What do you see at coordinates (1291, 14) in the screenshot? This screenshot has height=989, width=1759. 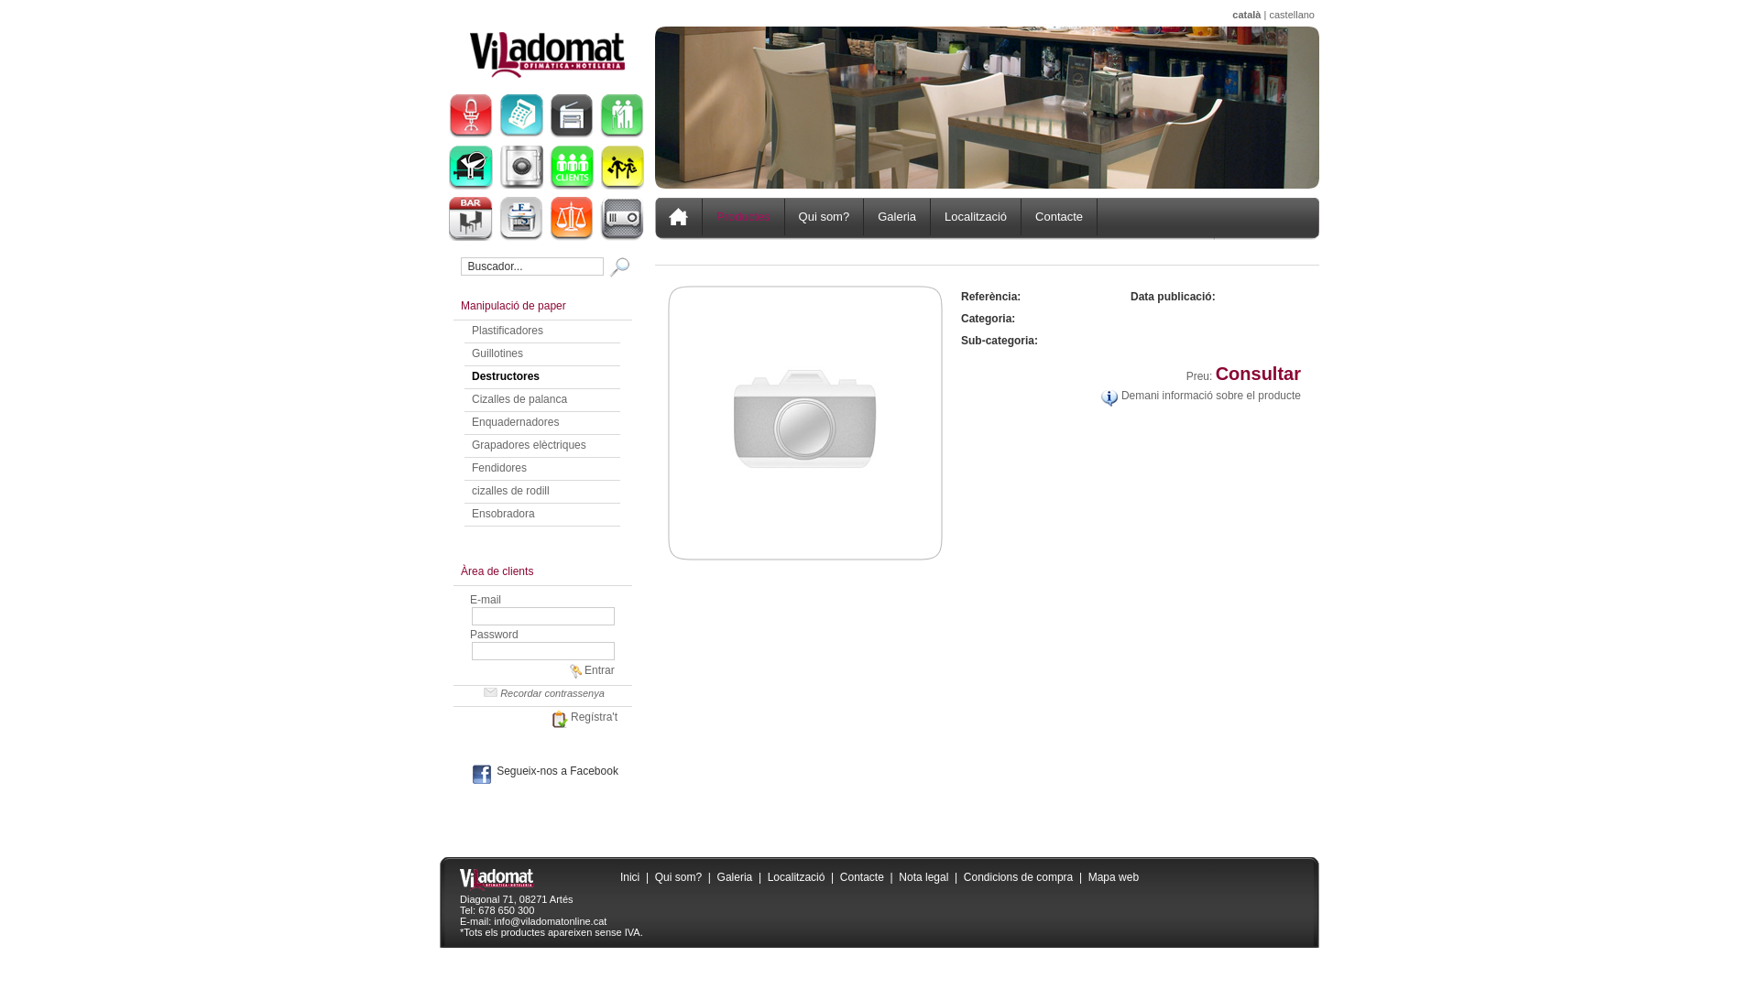 I see `'castellano'` at bounding box center [1291, 14].